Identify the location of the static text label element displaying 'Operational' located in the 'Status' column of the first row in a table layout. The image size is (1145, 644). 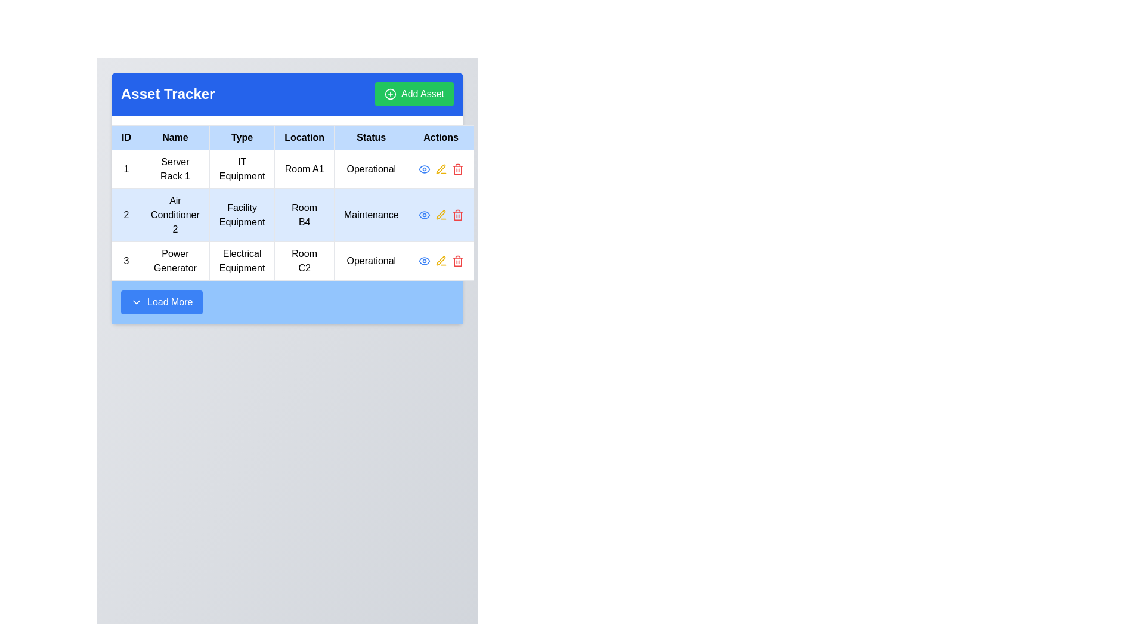
(370, 169).